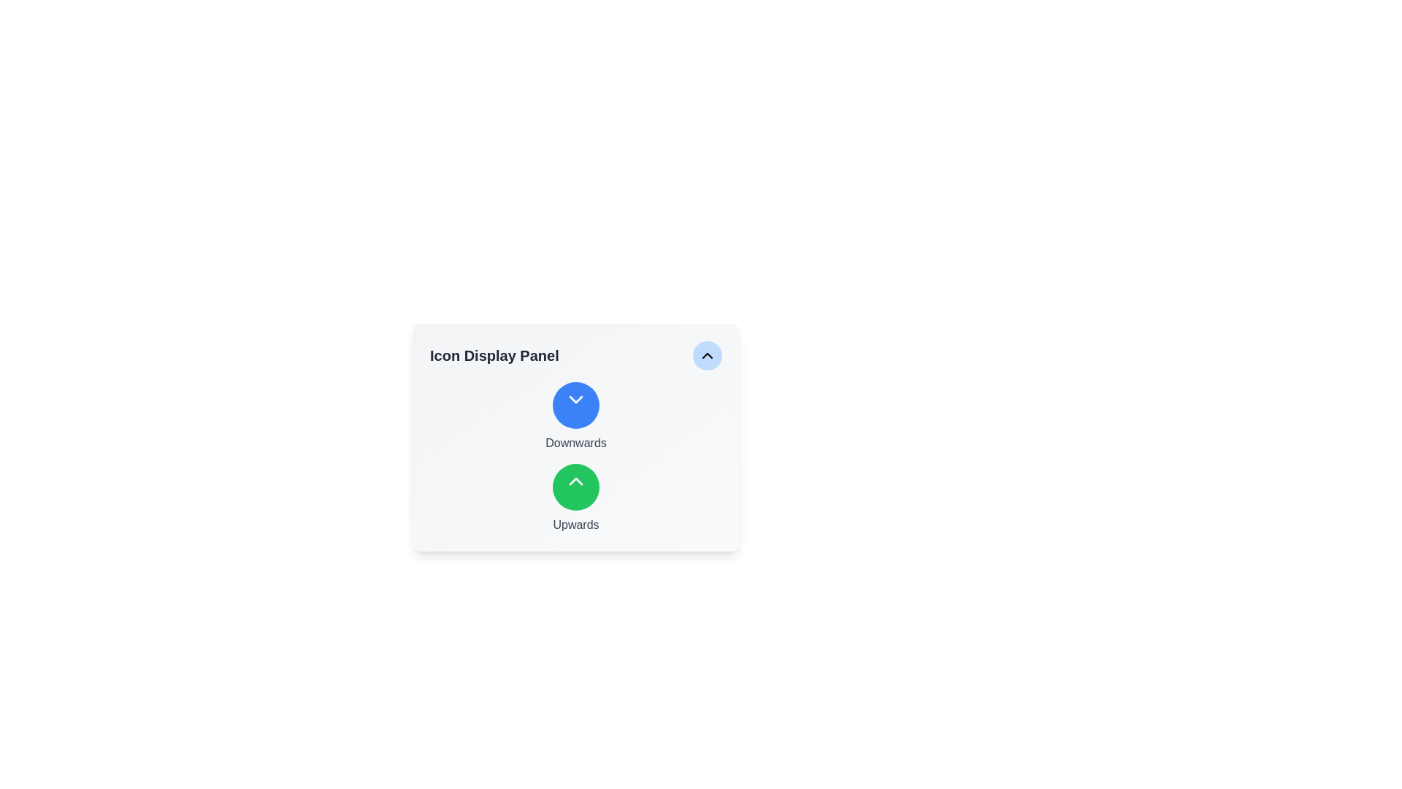 This screenshot has height=789, width=1402. What do you see at coordinates (575, 484) in the screenshot?
I see `the upward navigation button located at the bottom section of the panel, directly above the blue downward arrow button` at bounding box center [575, 484].